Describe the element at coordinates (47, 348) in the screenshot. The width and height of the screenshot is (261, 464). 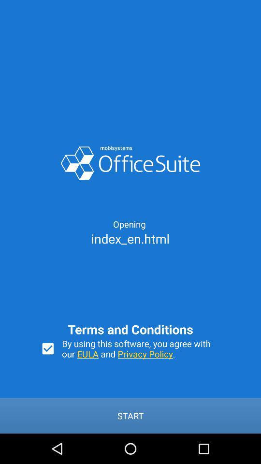
I see `the item at the bottom left corner` at that location.